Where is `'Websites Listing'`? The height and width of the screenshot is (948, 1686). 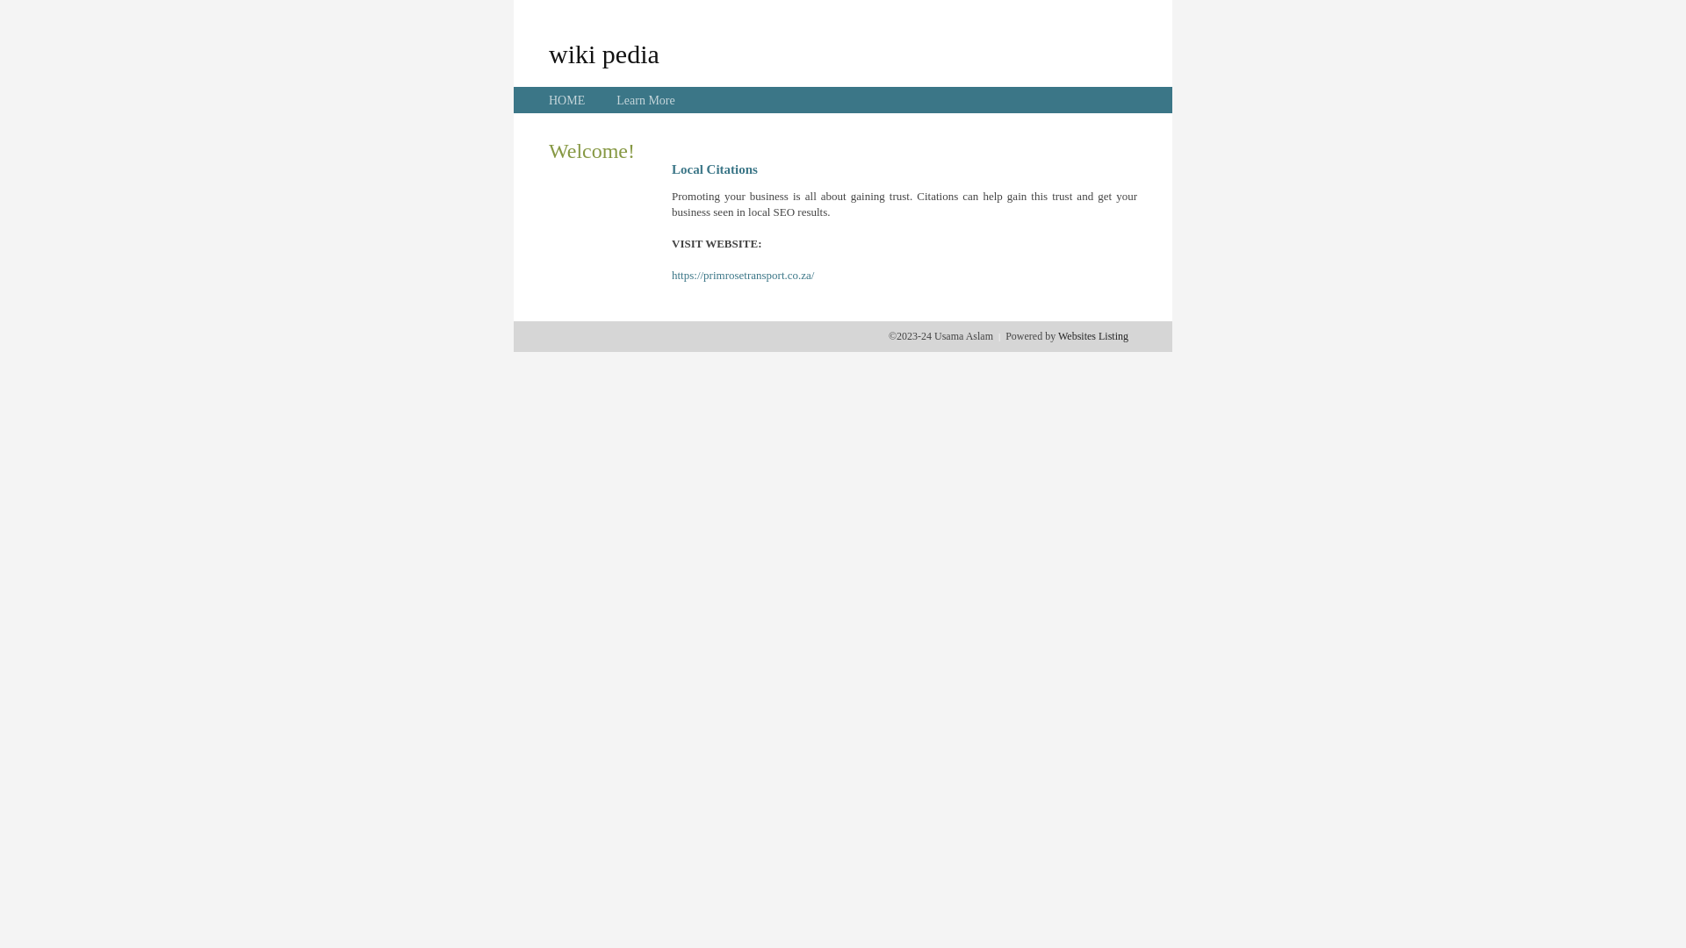 'Websites Listing' is located at coordinates (1092, 335).